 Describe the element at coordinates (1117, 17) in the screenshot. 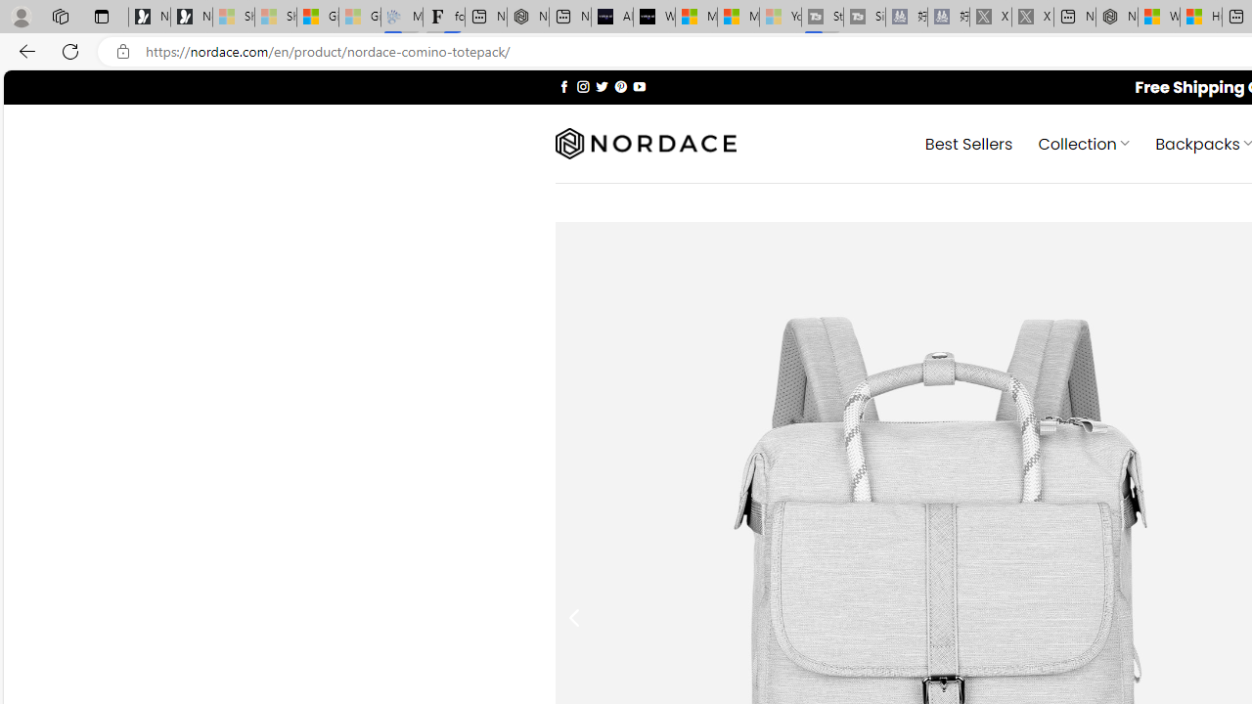

I see `'Nordace - My Account'` at that location.